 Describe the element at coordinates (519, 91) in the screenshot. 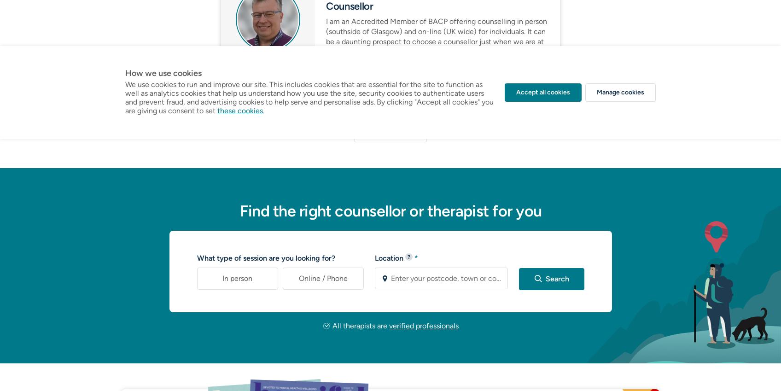

I see `'View profile'` at that location.